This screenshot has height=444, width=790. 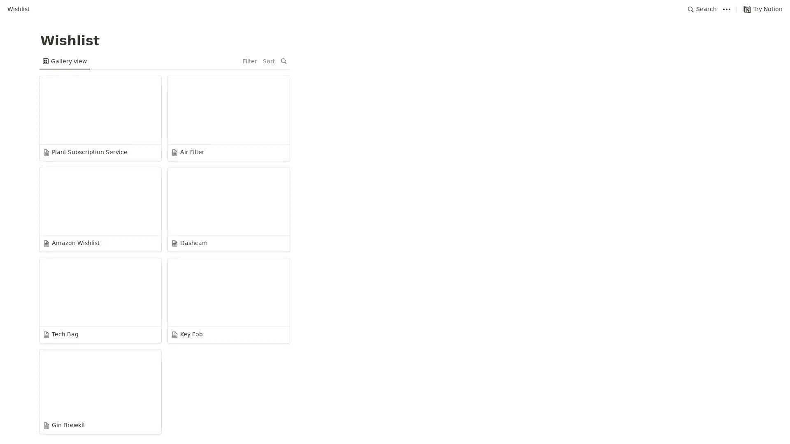 I want to click on Drag image to reposition Key Fob, so click(x=693, y=122).